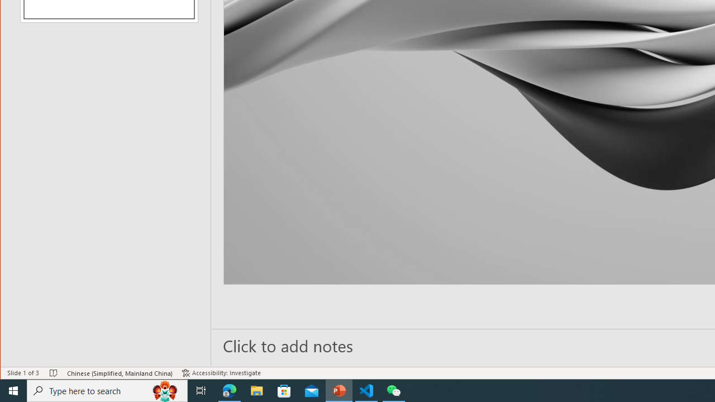  I want to click on 'Microsoft Store', so click(284, 390).